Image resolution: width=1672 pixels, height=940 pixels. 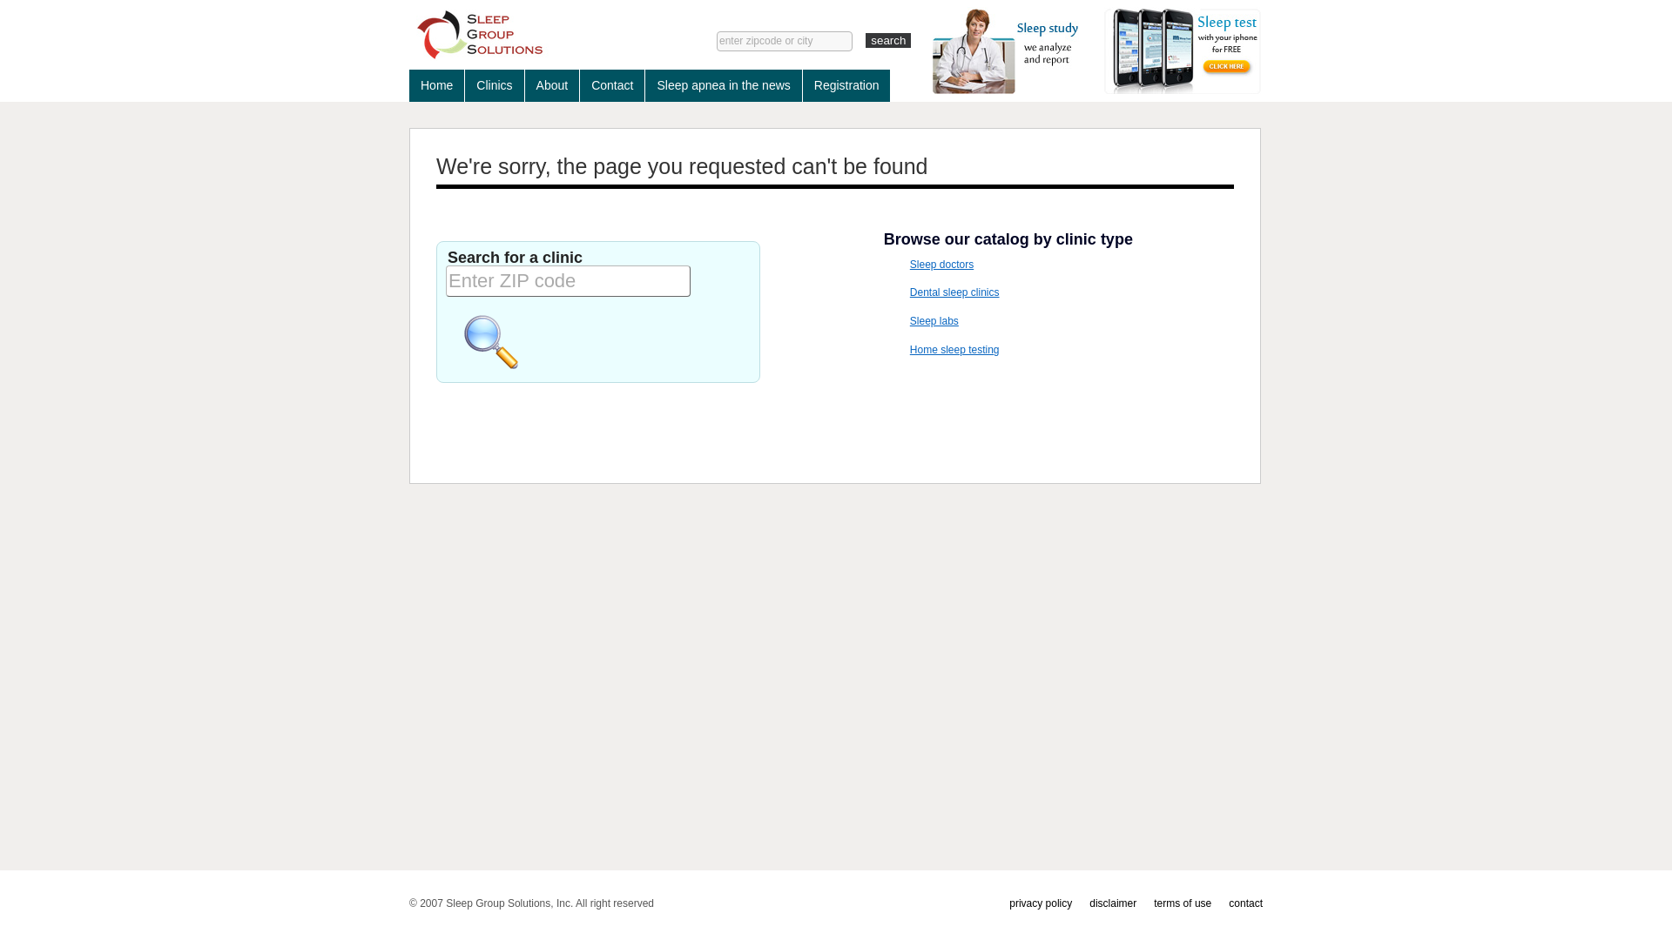 I want to click on 'Sleep lab', so click(x=535, y=34).